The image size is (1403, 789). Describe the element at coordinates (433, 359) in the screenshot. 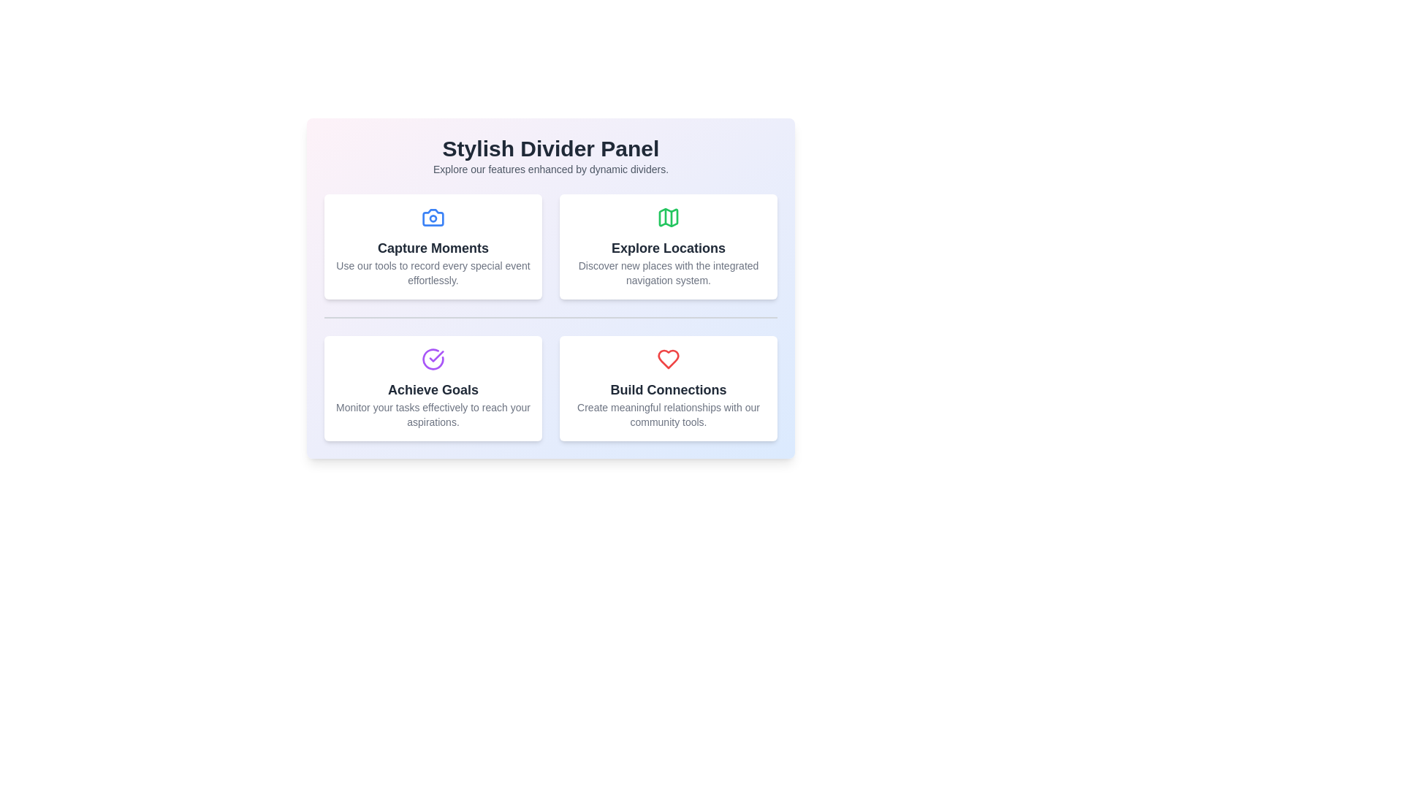

I see `the circular purple checkmark icon located above the 'Achieve Goals' text within the white card` at that location.